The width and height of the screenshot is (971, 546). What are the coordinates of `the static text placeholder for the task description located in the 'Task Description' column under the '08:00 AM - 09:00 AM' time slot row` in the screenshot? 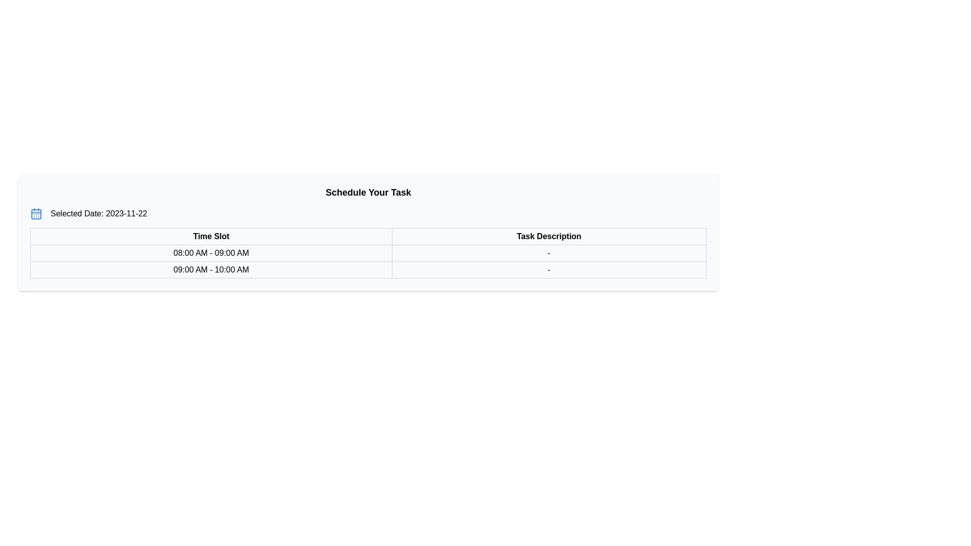 It's located at (548, 253).